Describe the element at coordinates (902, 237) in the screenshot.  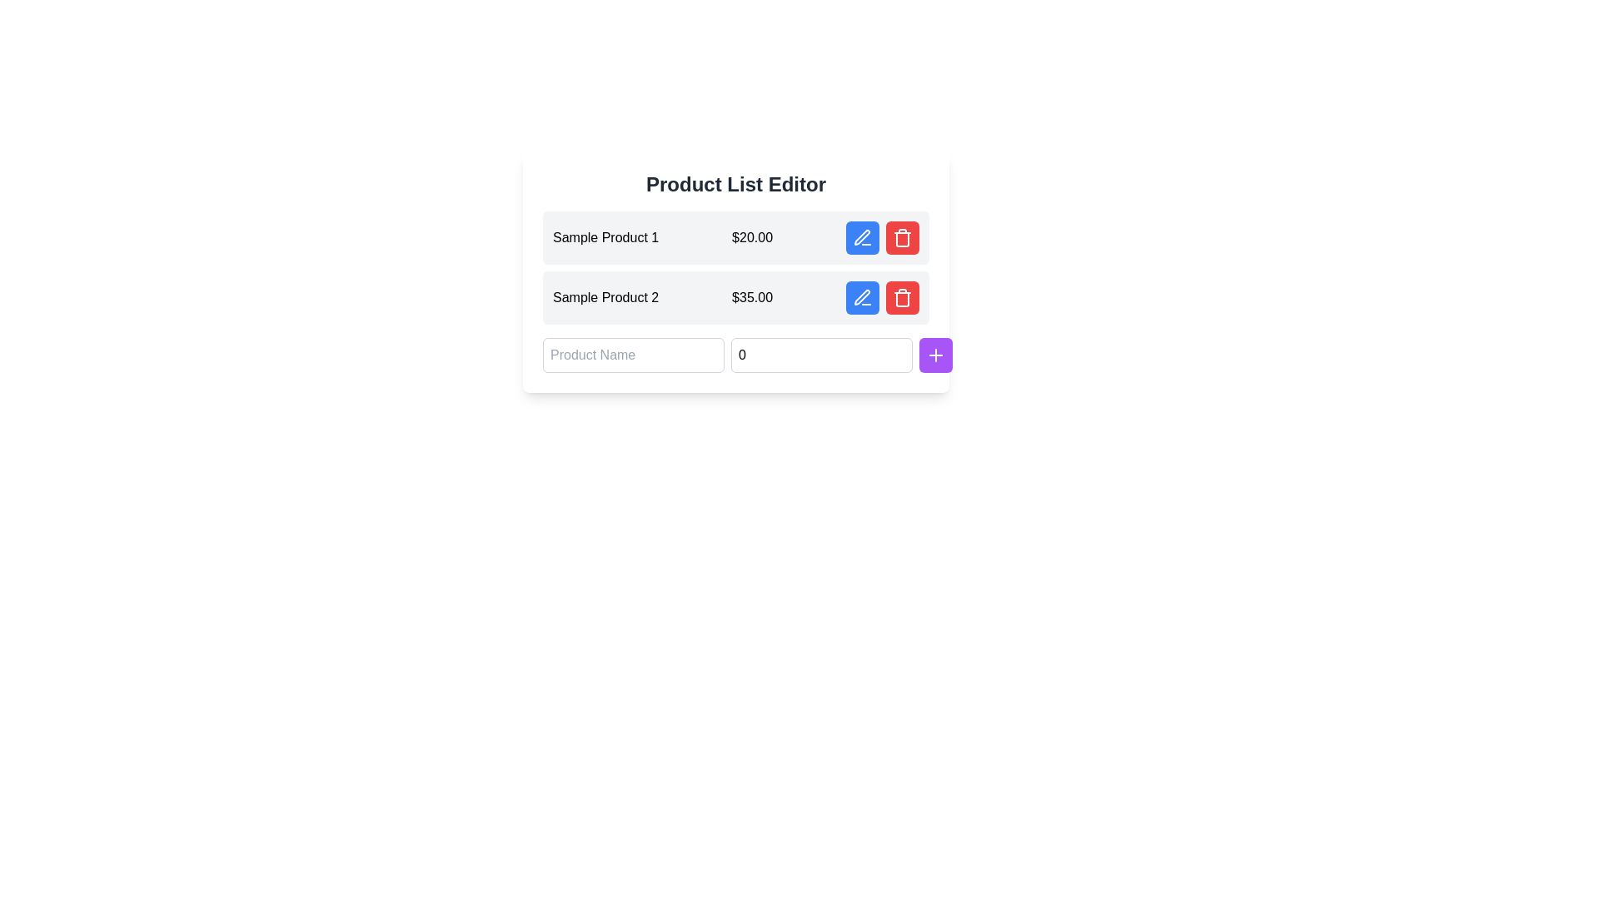
I see `the delete button located at the end of the first row in the product list editor interface` at that location.